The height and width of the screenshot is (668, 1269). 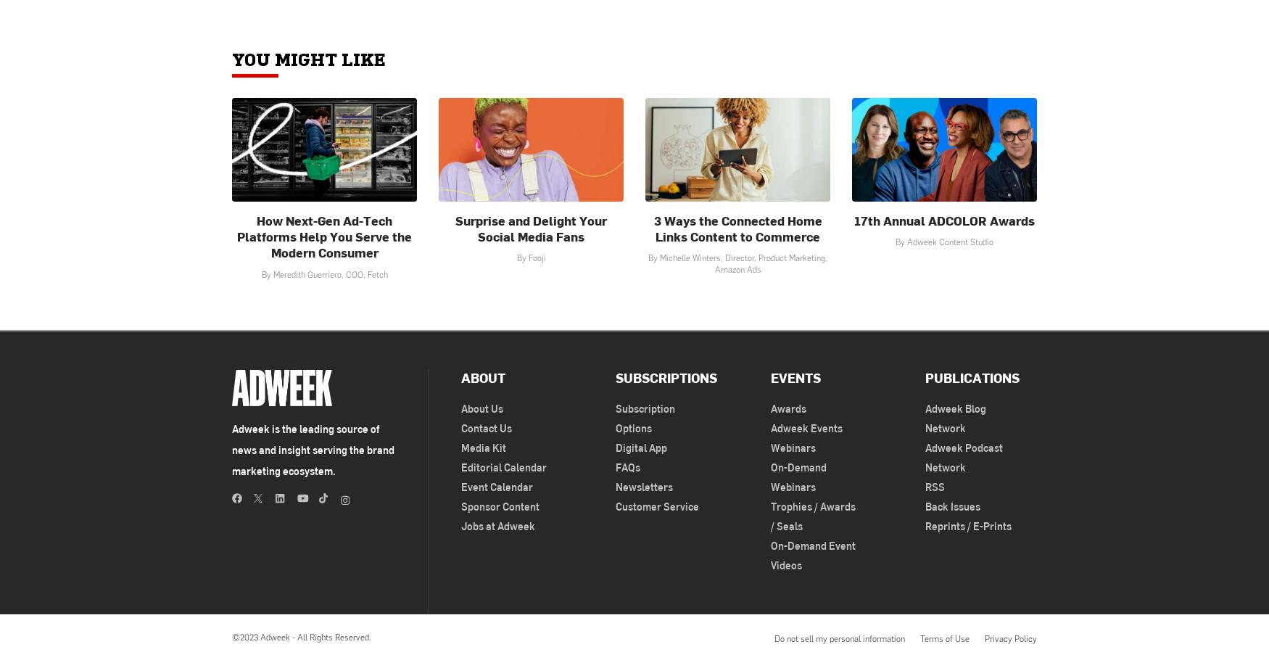 I want to click on 'Adweek Podcast Network', so click(x=924, y=456).